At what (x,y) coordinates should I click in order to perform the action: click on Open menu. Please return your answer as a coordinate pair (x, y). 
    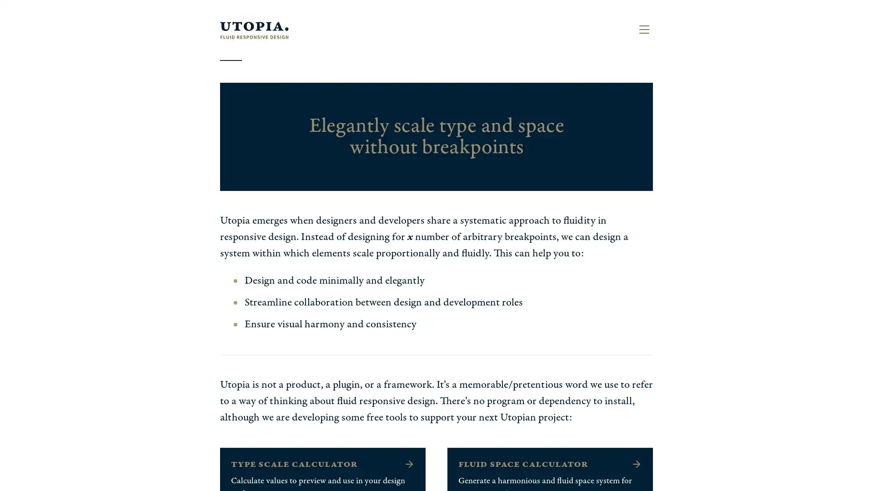
    Looking at the image, I should click on (643, 29).